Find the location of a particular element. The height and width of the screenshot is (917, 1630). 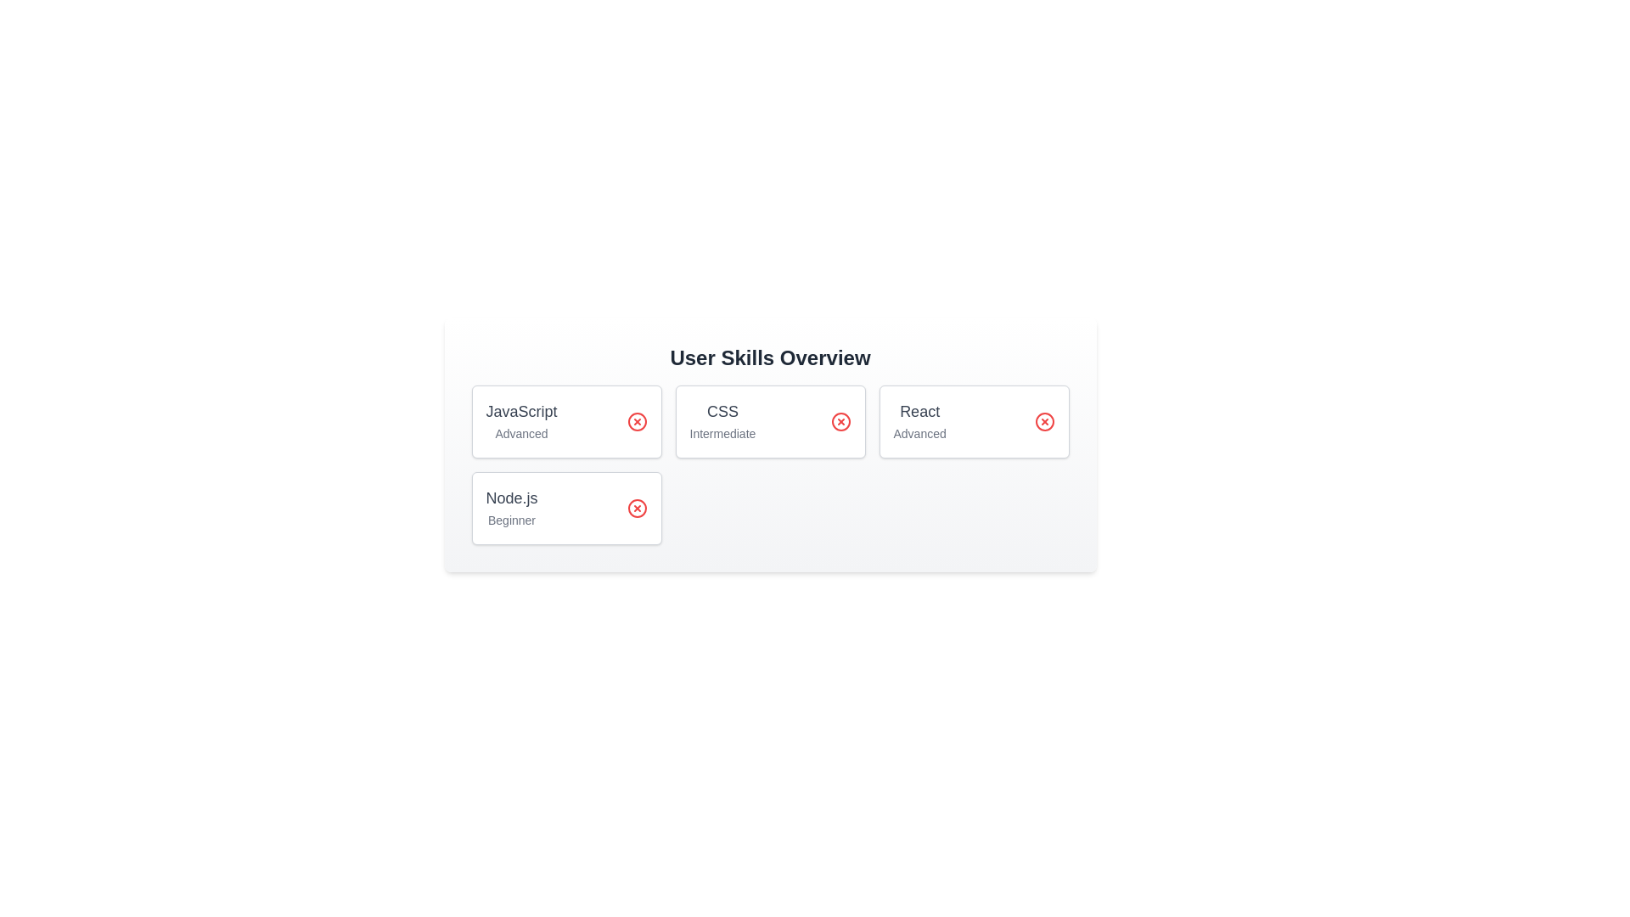

the delete button for the skill CSS is located at coordinates (840, 421).